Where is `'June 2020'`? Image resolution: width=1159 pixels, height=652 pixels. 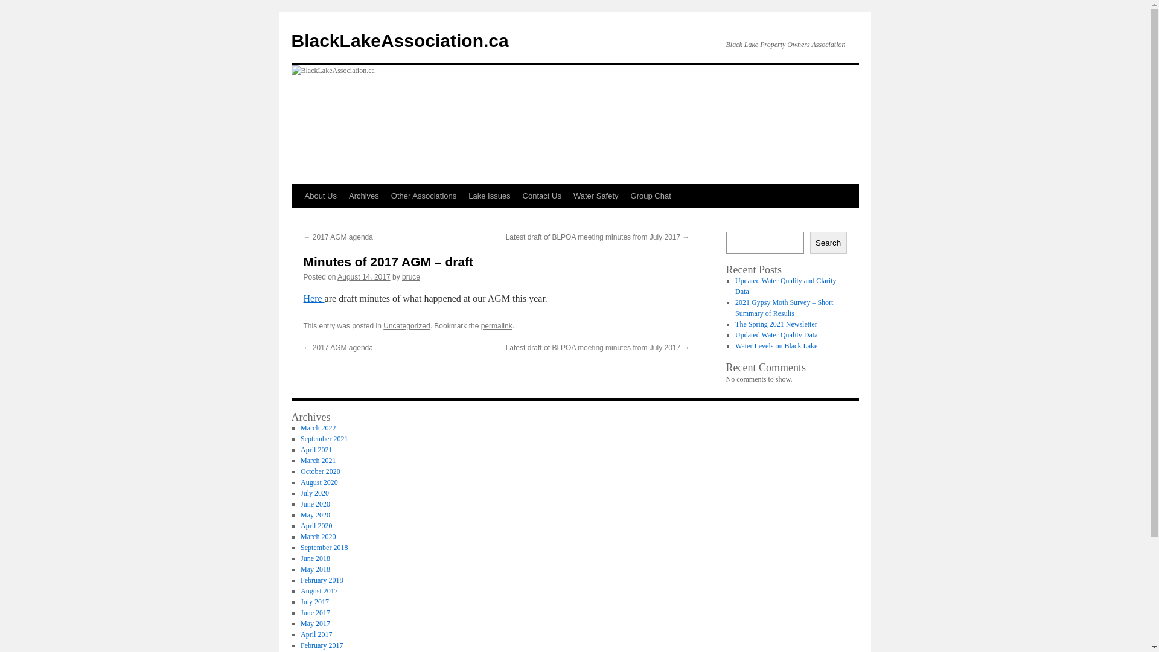 'June 2020' is located at coordinates (315, 503).